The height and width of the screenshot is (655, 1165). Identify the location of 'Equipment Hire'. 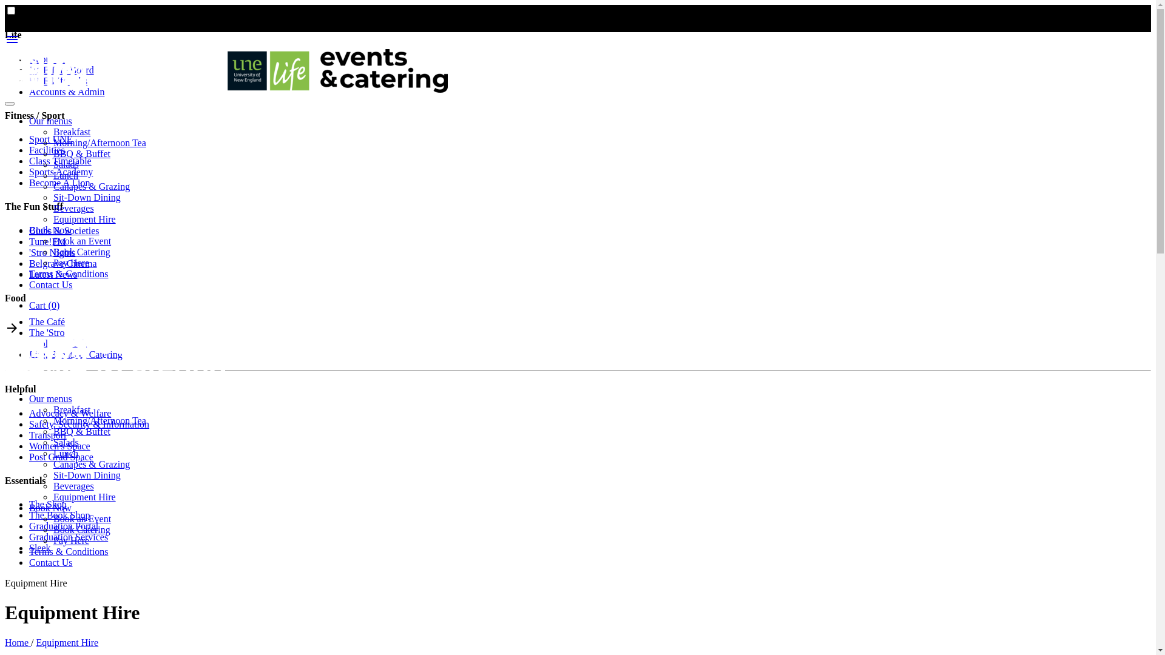
(84, 497).